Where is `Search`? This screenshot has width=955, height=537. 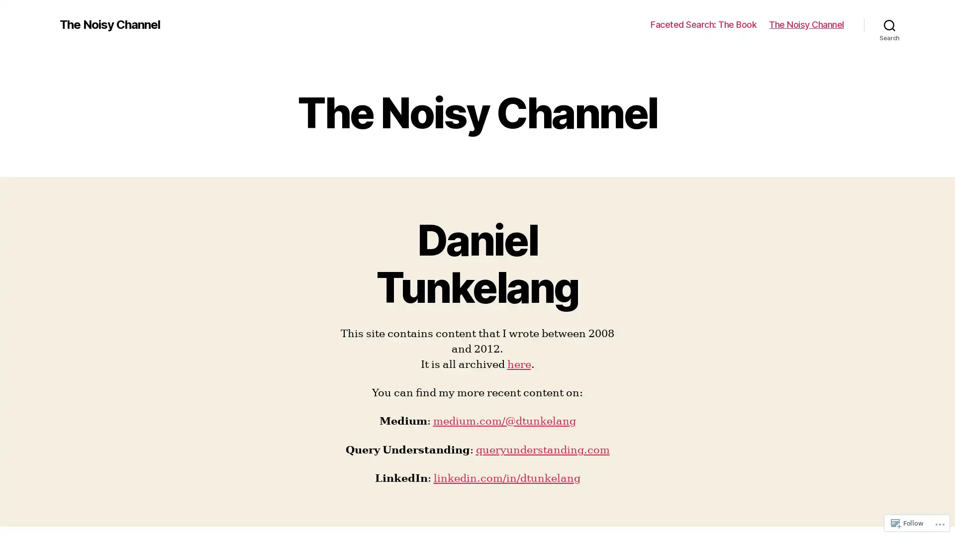
Search is located at coordinates (889, 24).